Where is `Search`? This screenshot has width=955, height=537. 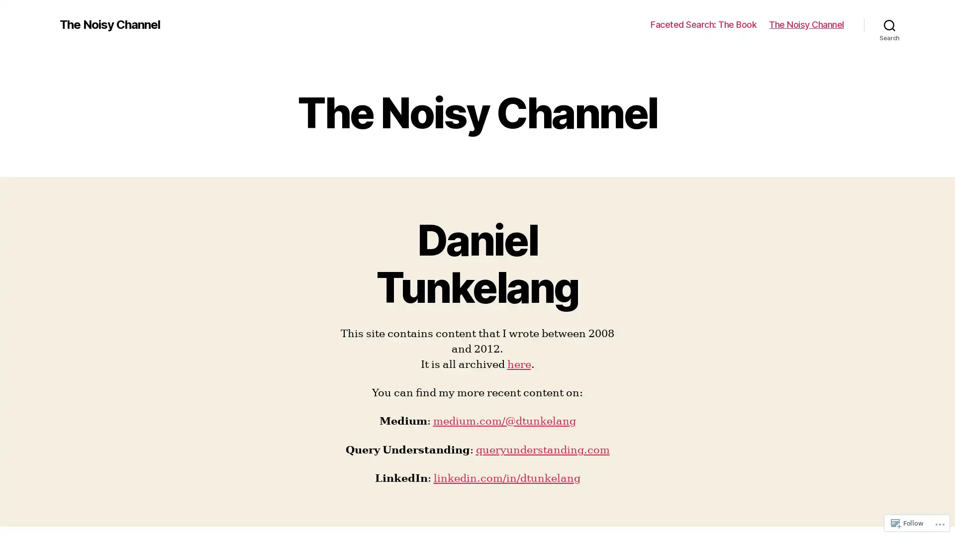
Search is located at coordinates (889, 24).